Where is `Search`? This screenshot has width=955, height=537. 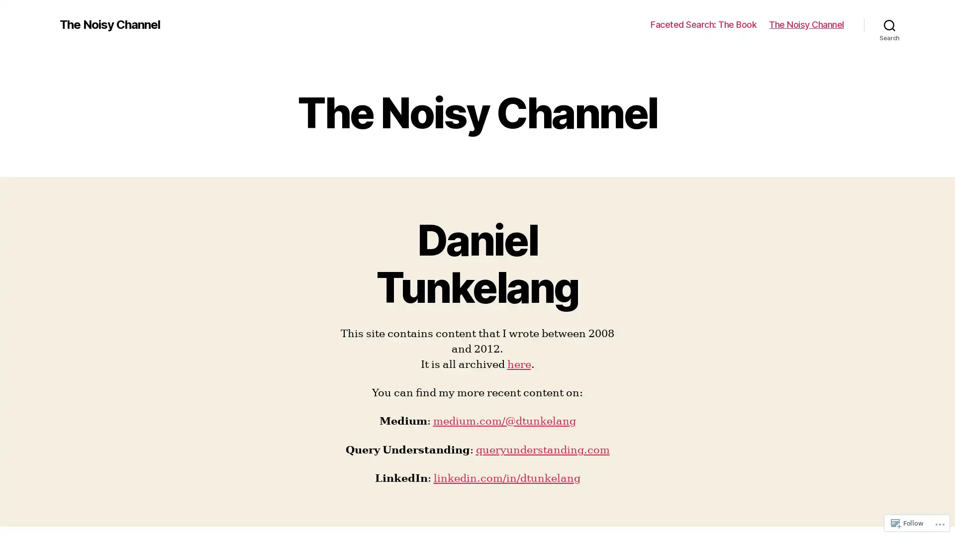
Search is located at coordinates (889, 24).